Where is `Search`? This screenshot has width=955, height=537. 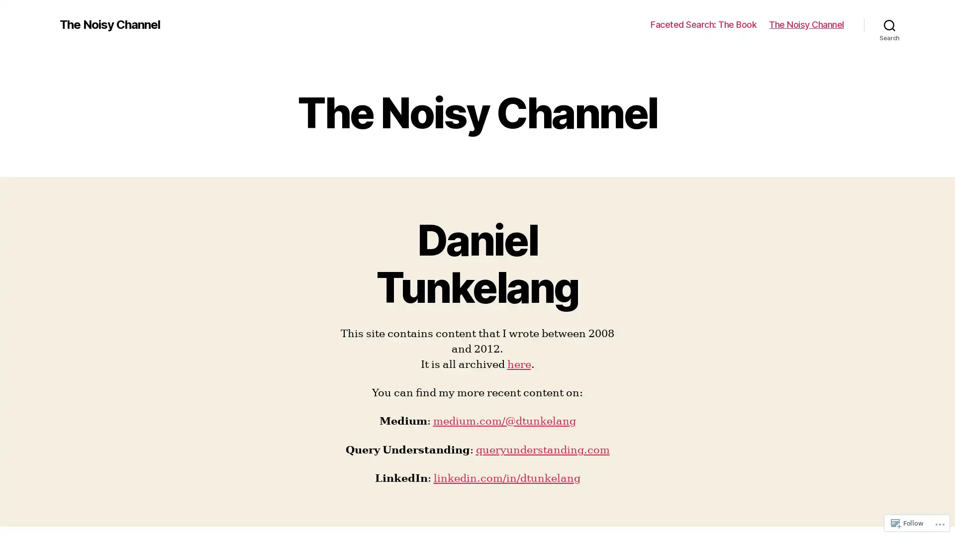
Search is located at coordinates (889, 24).